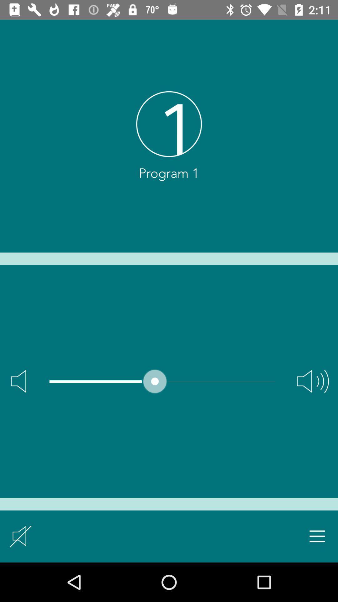 The height and width of the screenshot is (602, 338). What do you see at coordinates (317, 536) in the screenshot?
I see `the menu icon` at bounding box center [317, 536].